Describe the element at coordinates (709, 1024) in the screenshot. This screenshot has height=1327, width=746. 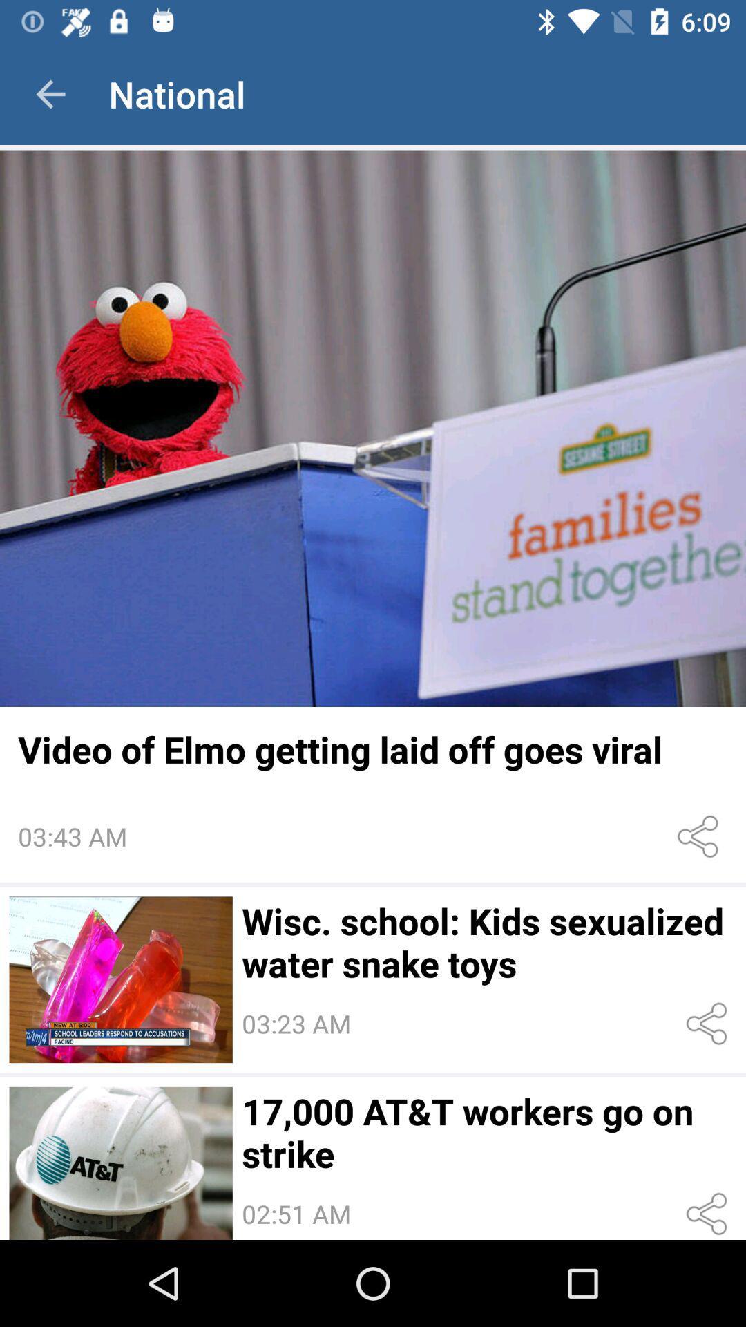
I see `share the article` at that location.